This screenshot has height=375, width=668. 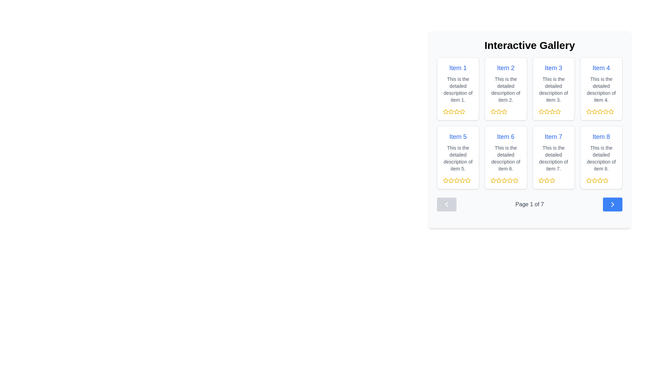 I want to click on the second card in the grid layout that provides a brief textual description and options for user interaction, so click(x=506, y=88).